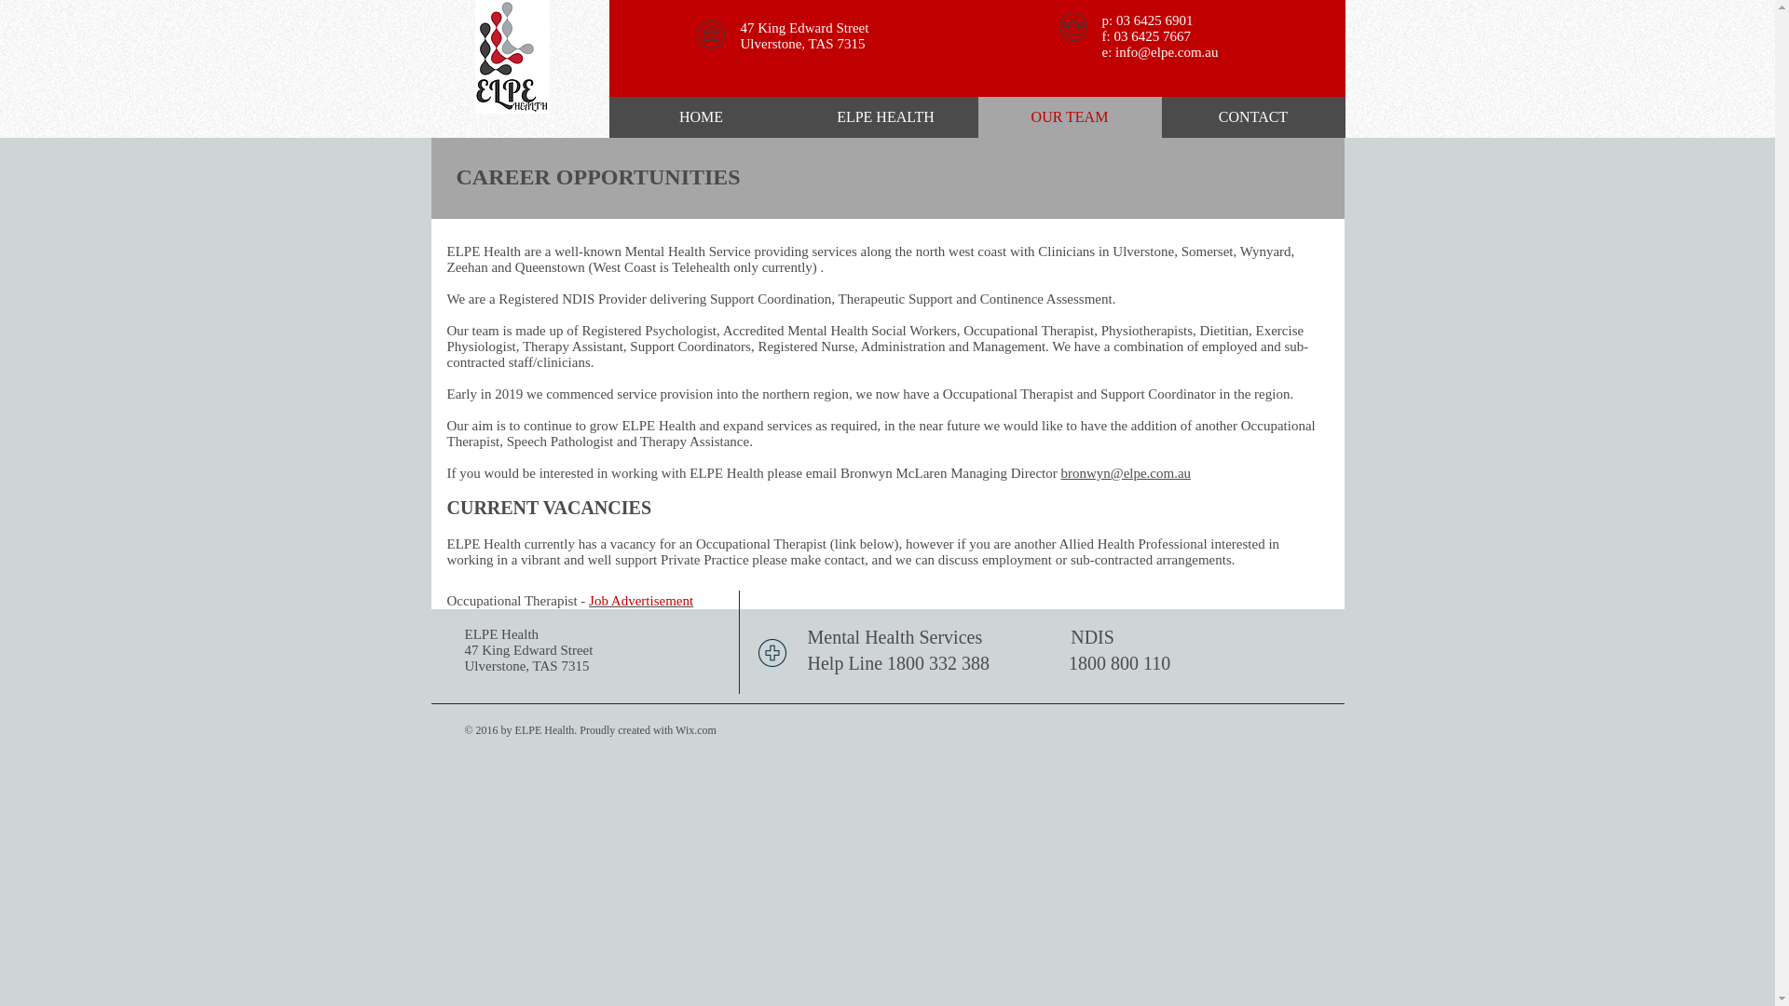 The width and height of the screenshot is (1789, 1006). What do you see at coordinates (701, 117) in the screenshot?
I see `'HOME'` at bounding box center [701, 117].